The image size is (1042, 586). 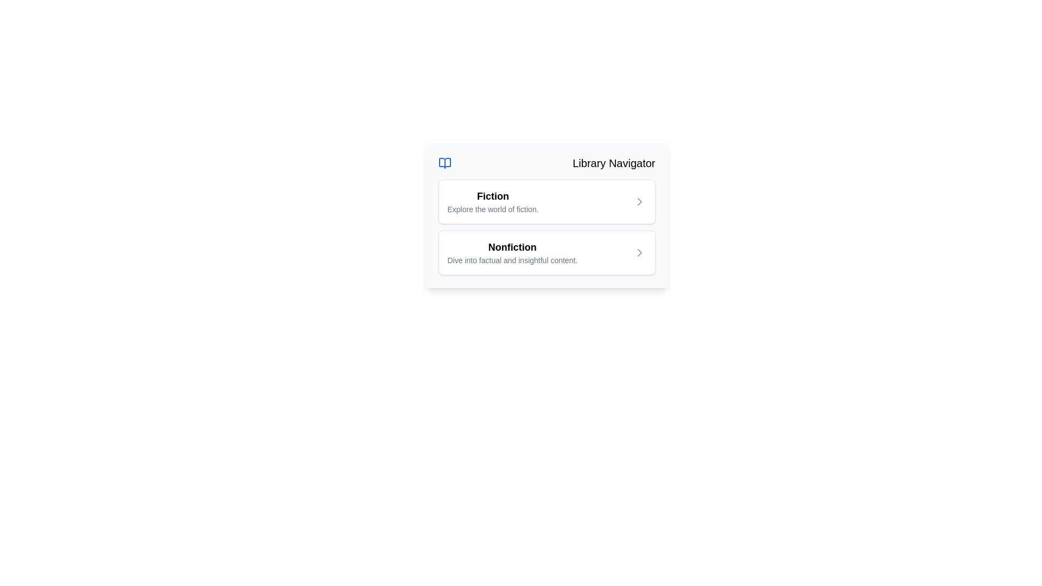 I want to click on the right half of the open book icon, which is a blue vector graphic with a stroke width of 2px, located in the upper-left corner of the interface before the 'Library Navigator' header, so click(x=444, y=163).